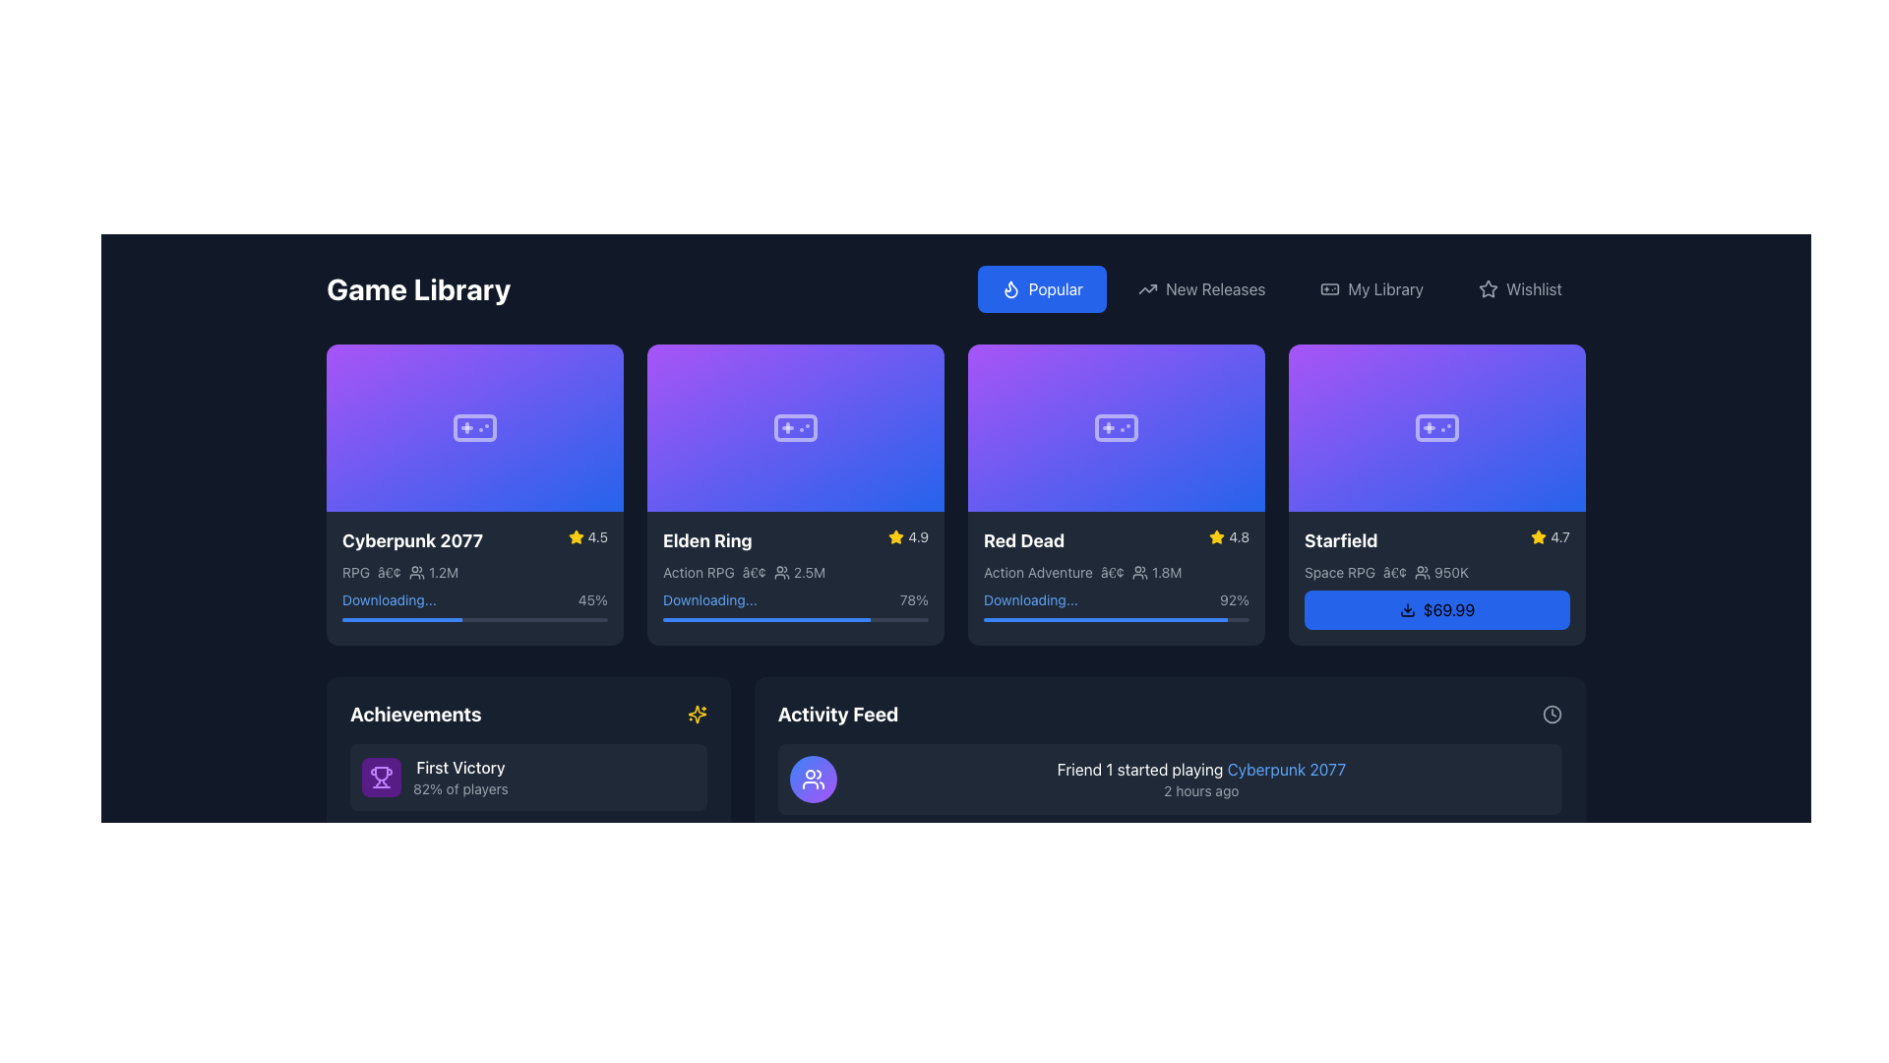  I want to click on the game title within the Activity Notification Block, which is the third entry in the Activity Feed section, so click(1170, 951).